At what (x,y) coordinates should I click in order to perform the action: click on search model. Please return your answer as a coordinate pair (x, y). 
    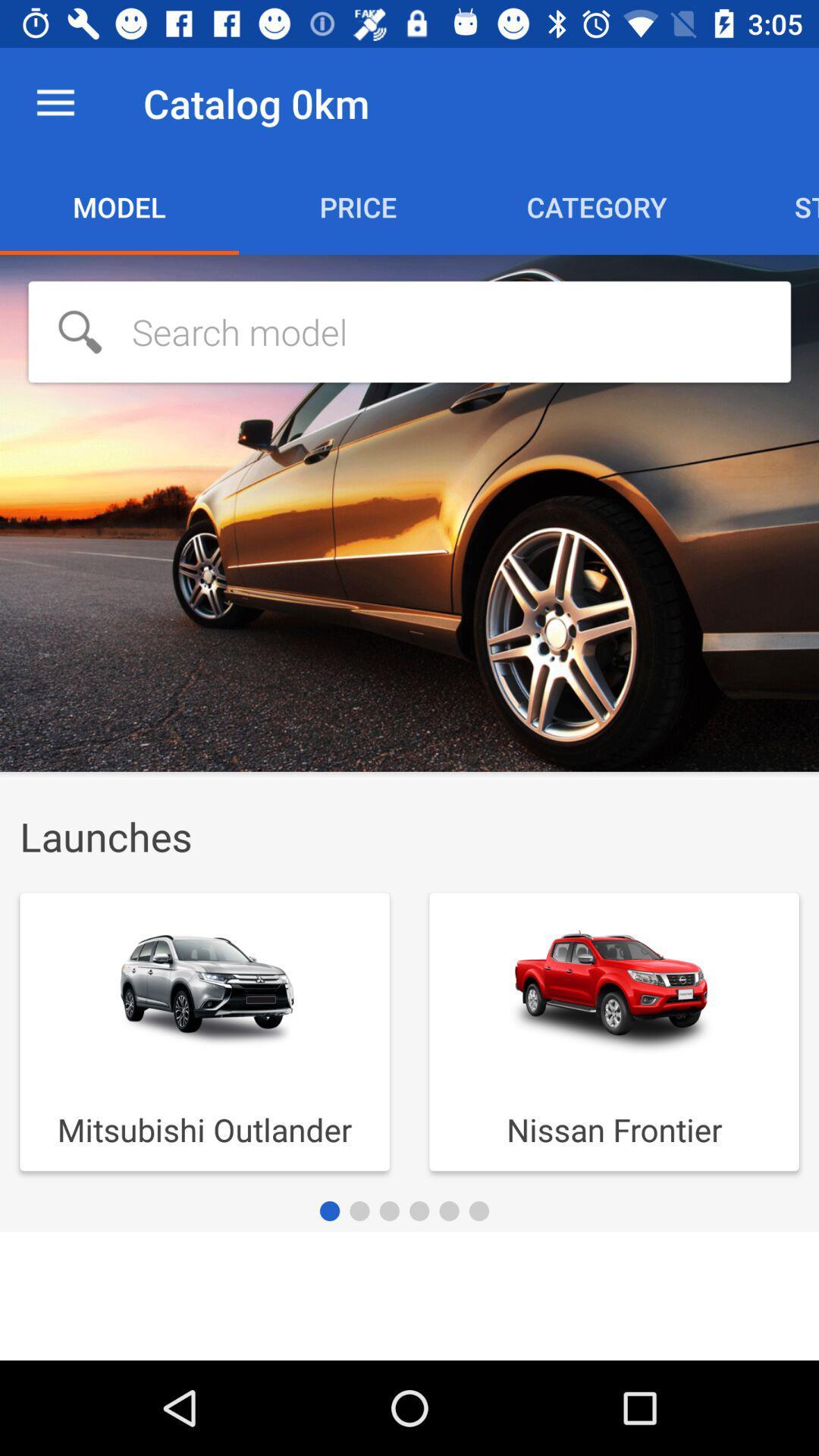
    Looking at the image, I should click on (409, 331).